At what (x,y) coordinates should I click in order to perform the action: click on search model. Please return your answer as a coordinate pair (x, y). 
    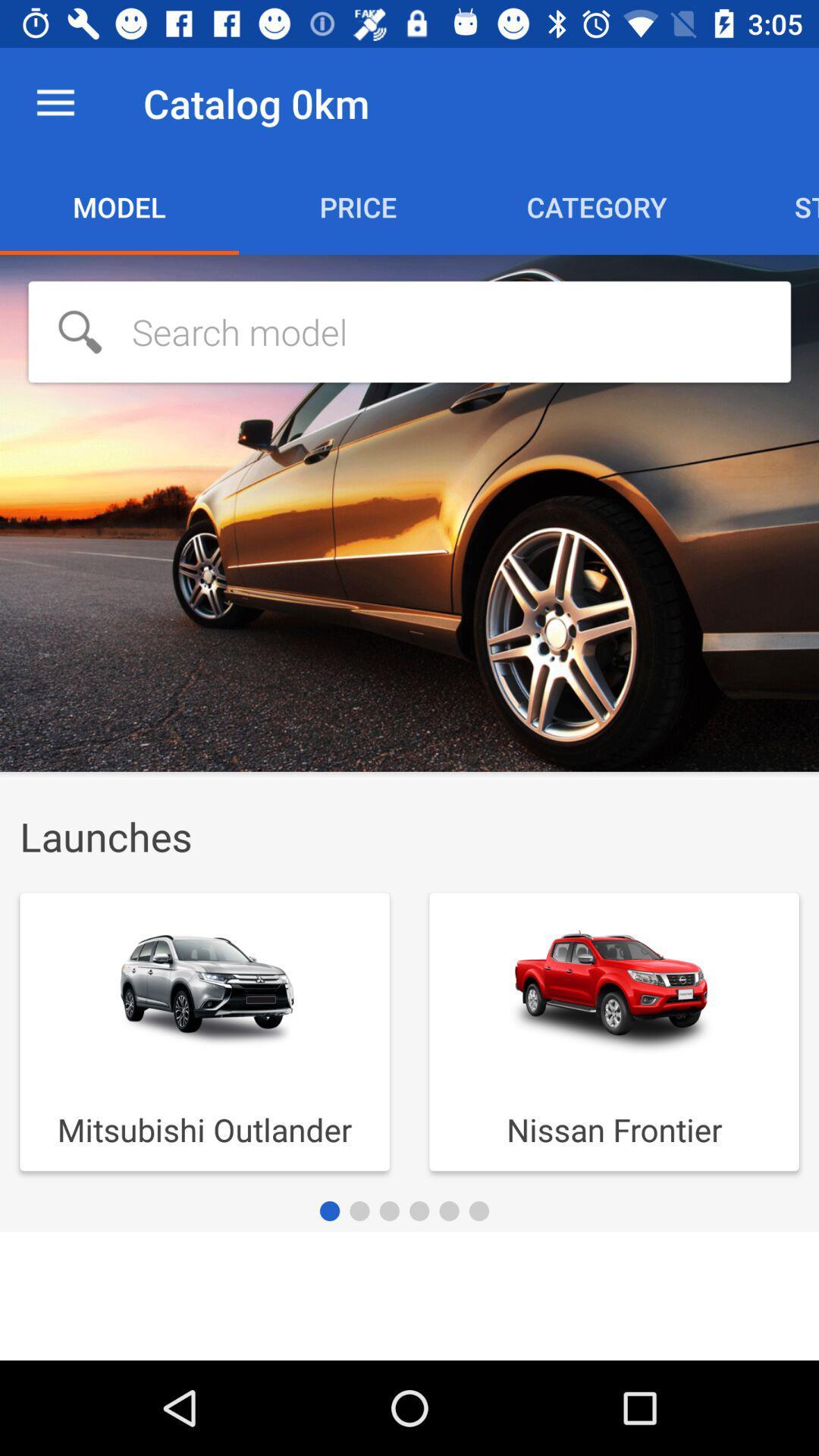
    Looking at the image, I should click on (409, 331).